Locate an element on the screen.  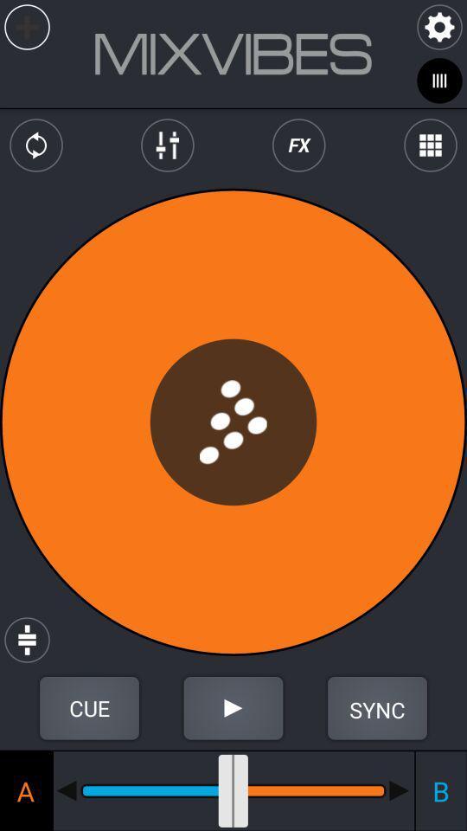
the minus icon is located at coordinates (66, 790).